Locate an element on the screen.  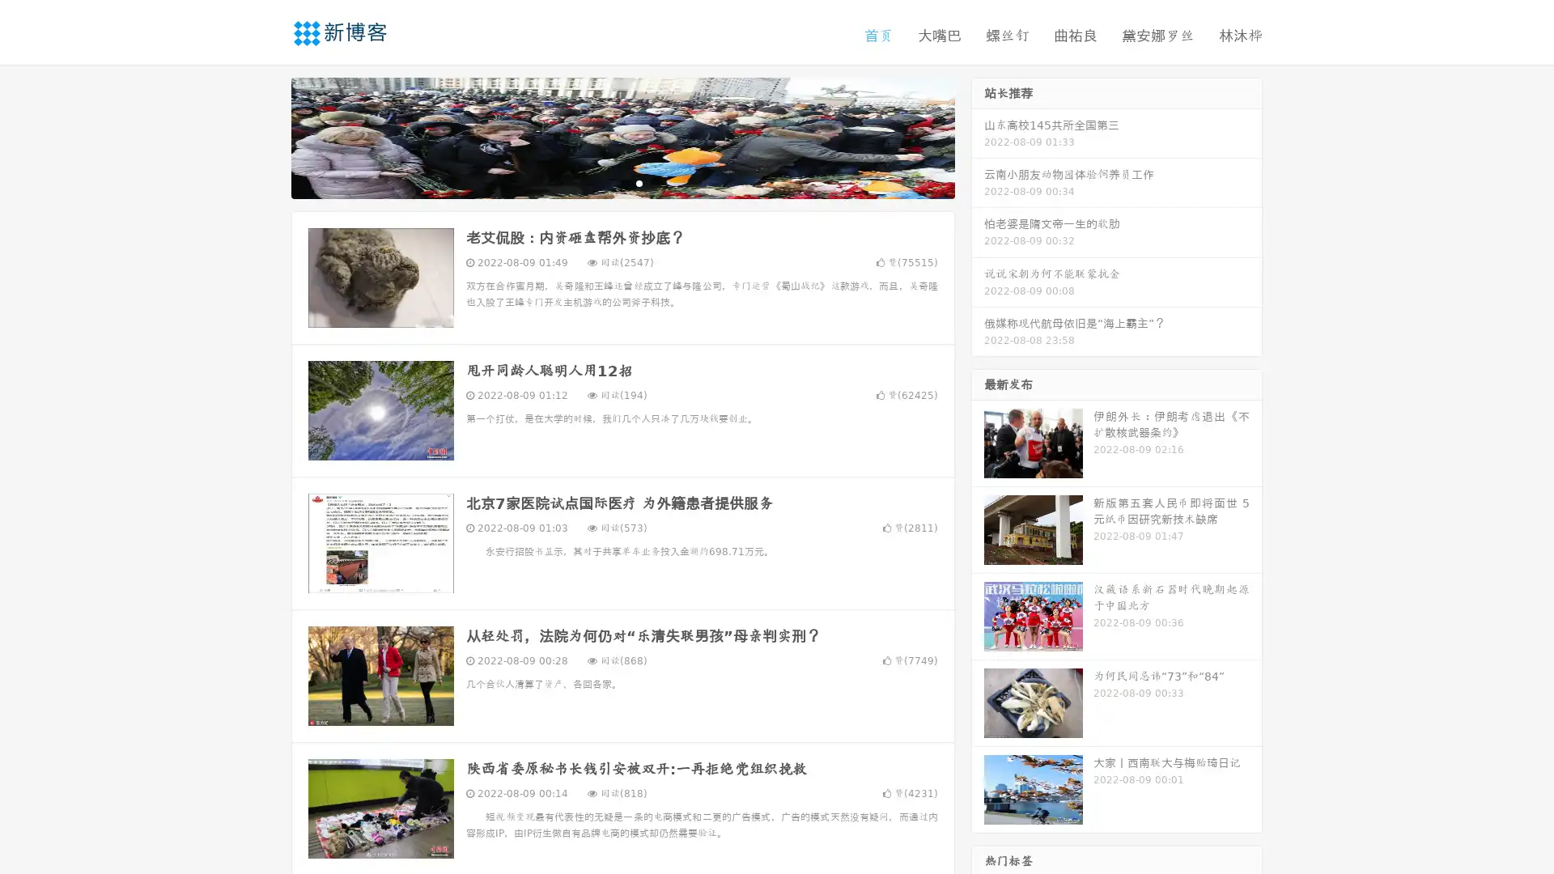
Go to slide 3 is located at coordinates (639, 182).